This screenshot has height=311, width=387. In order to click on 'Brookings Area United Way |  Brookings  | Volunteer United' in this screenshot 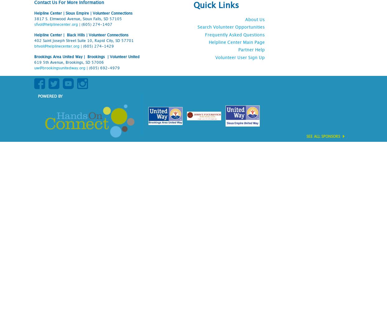, I will do `click(87, 57)`.